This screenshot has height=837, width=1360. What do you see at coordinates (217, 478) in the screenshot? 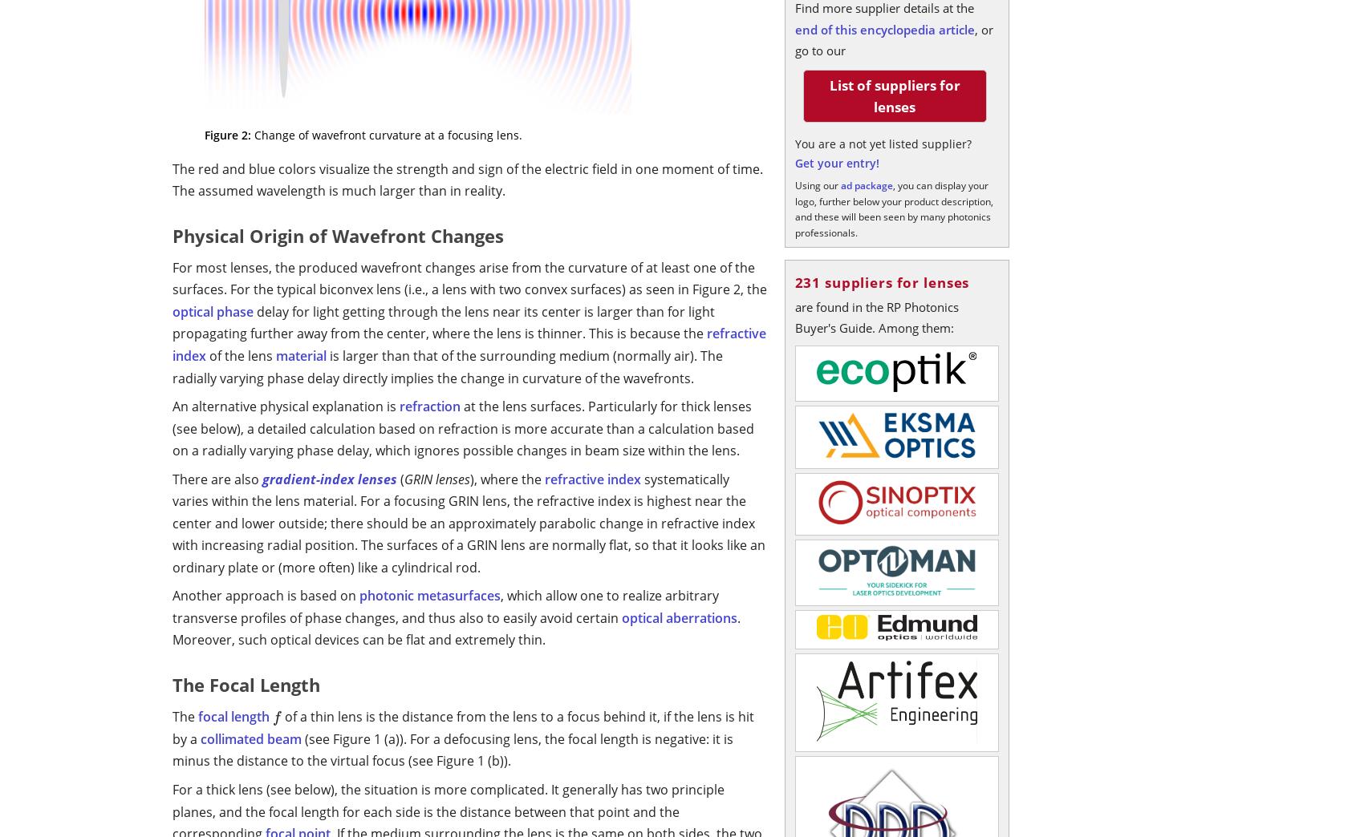
I see `'There are also'` at bounding box center [217, 478].